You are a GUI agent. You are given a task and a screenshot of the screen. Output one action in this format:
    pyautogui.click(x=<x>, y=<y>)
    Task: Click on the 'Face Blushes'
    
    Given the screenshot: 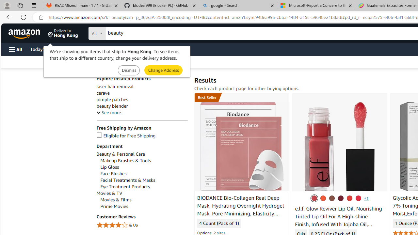 What is the action you would take?
    pyautogui.click(x=143, y=173)
    